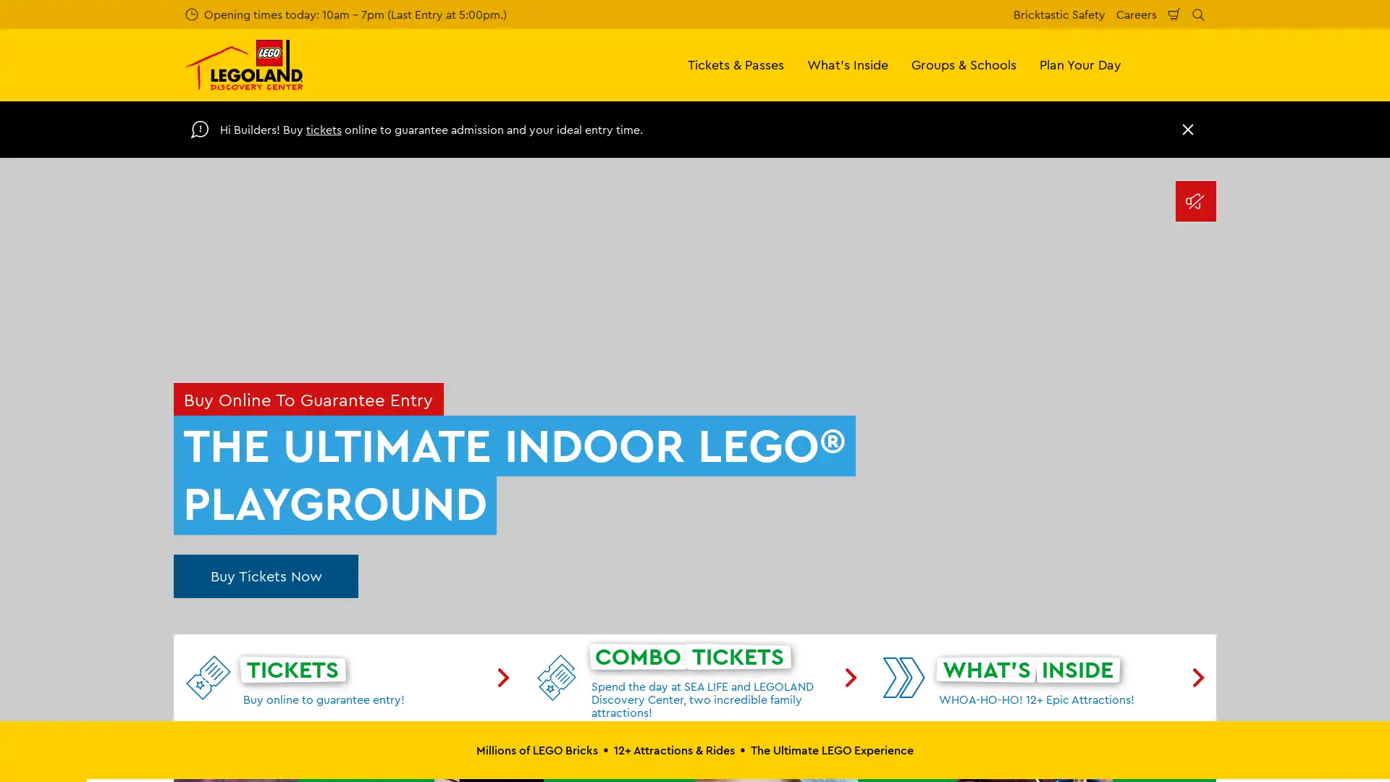 The width and height of the screenshot is (1390, 782). Describe the element at coordinates (964, 64) in the screenshot. I see `Groups & Schools` at that location.